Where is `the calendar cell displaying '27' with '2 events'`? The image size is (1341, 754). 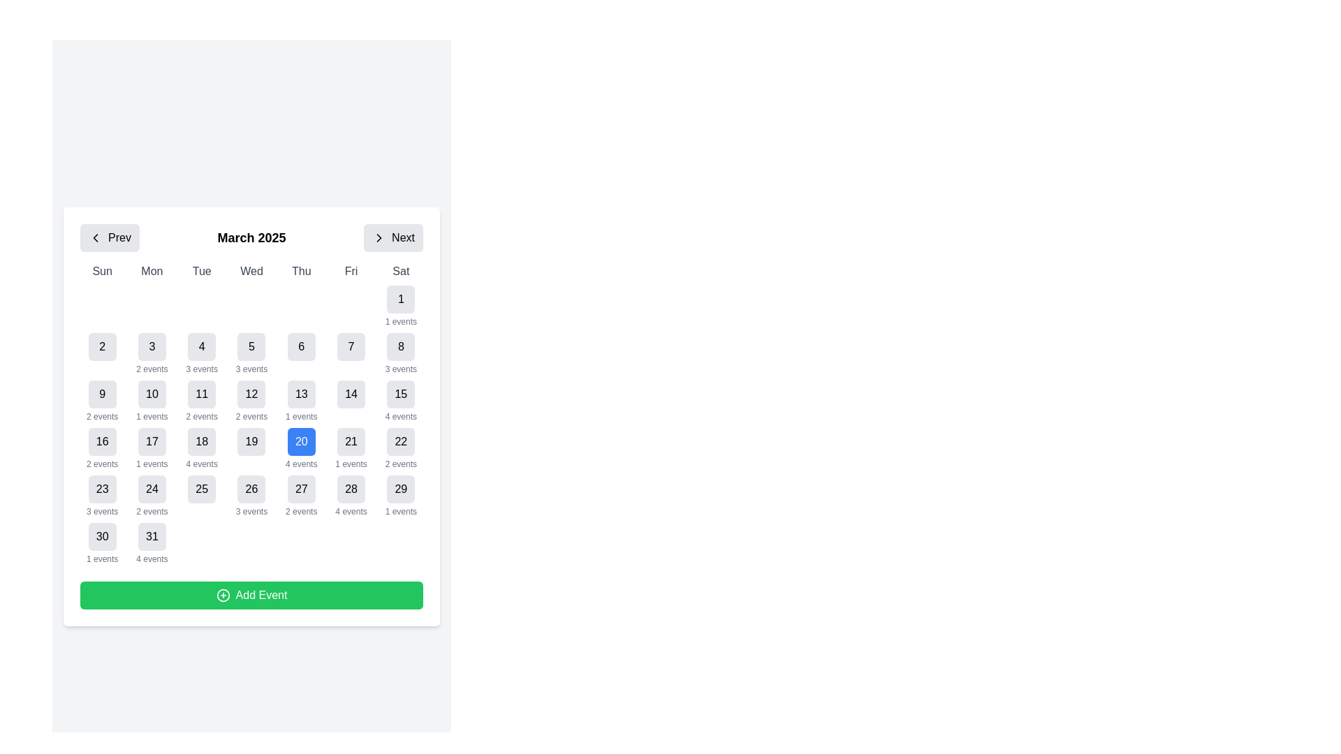 the calendar cell displaying '27' with '2 events' is located at coordinates (300, 495).